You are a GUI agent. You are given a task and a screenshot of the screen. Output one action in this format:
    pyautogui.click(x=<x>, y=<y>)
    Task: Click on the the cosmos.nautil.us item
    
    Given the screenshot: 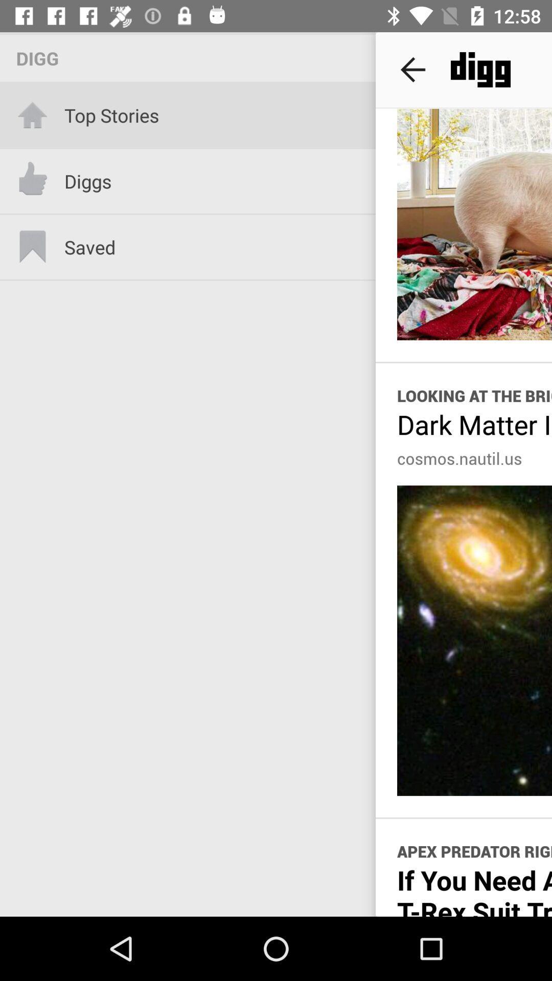 What is the action you would take?
    pyautogui.click(x=459, y=458)
    